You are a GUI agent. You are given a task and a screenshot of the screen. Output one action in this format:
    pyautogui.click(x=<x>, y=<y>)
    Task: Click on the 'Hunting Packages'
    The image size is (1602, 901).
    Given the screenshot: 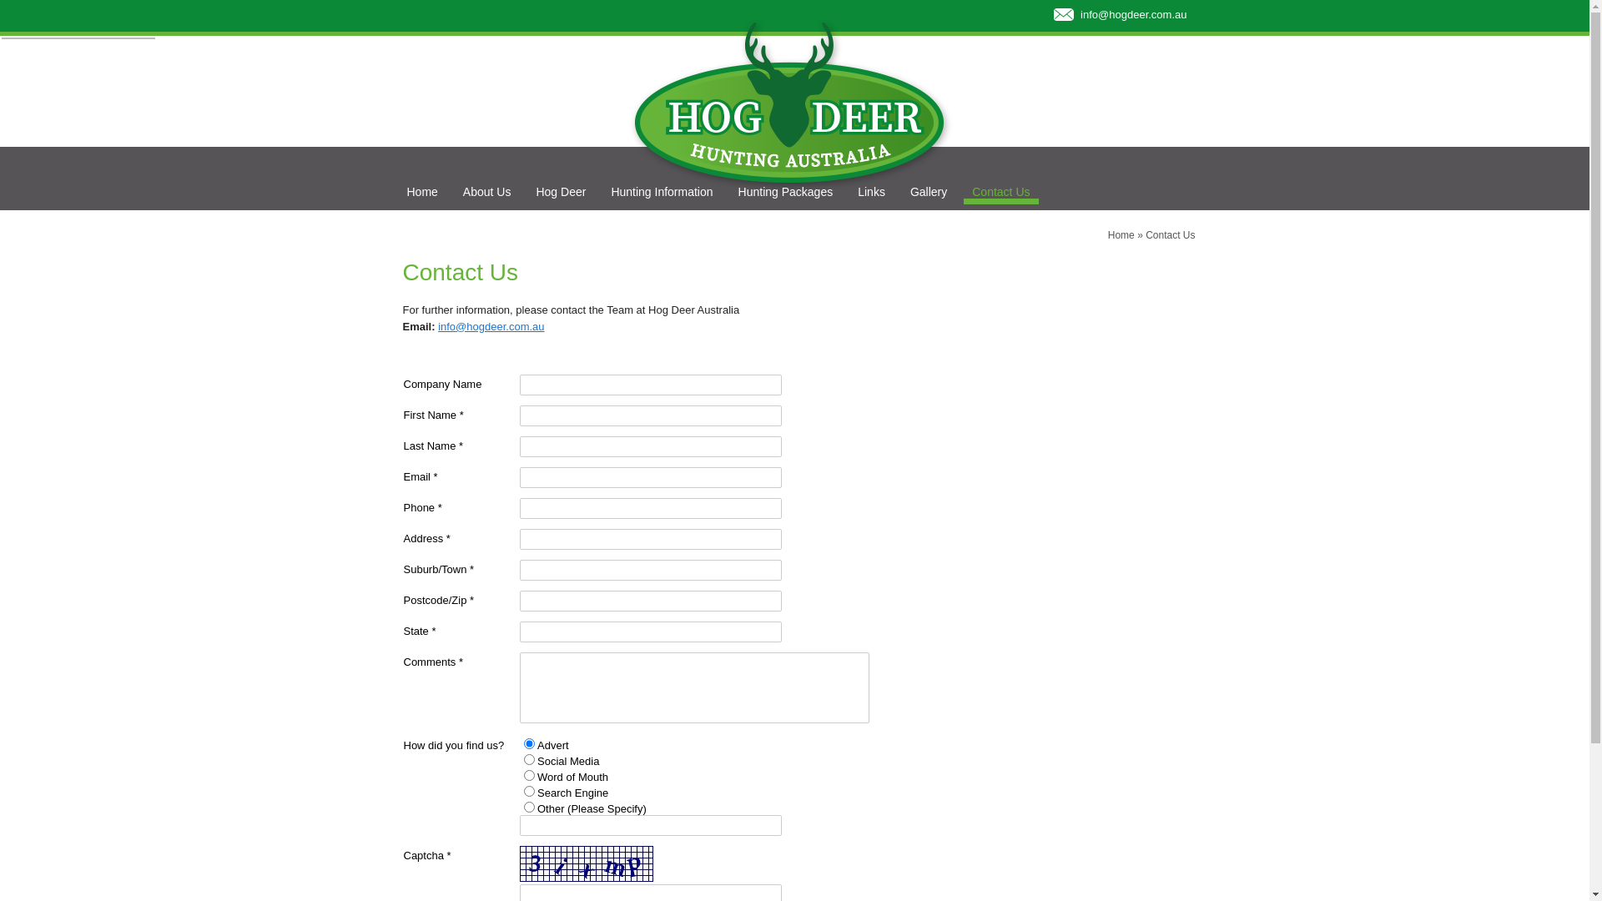 What is the action you would take?
    pyautogui.click(x=784, y=191)
    